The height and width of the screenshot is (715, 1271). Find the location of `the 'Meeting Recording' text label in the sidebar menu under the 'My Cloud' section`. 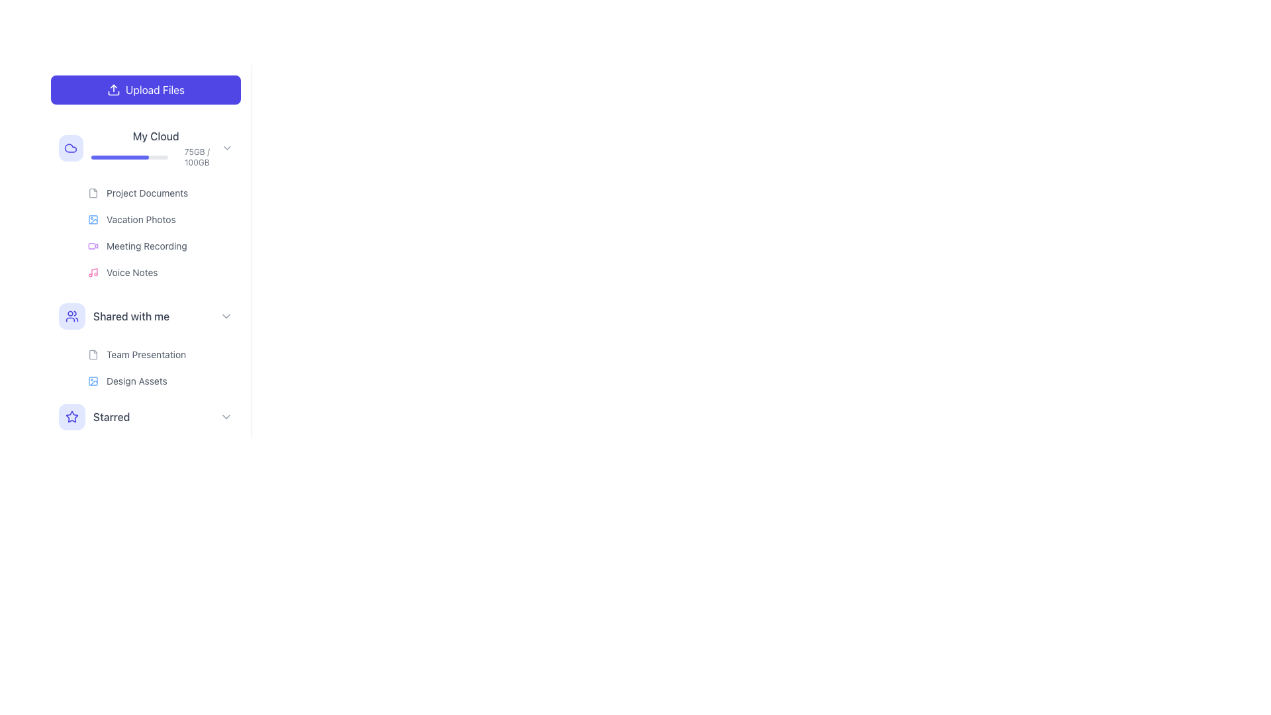

the 'Meeting Recording' text label in the sidebar menu under the 'My Cloud' section is located at coordinates (146, 246).